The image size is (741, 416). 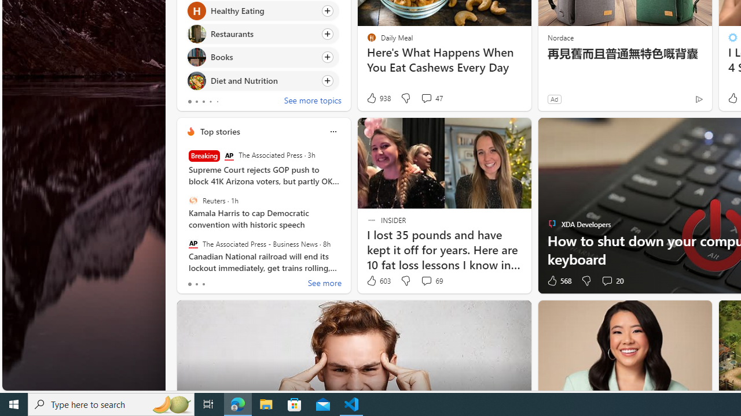 I want to click on 'View comments 20 Comment', so click(x=611, y=281).